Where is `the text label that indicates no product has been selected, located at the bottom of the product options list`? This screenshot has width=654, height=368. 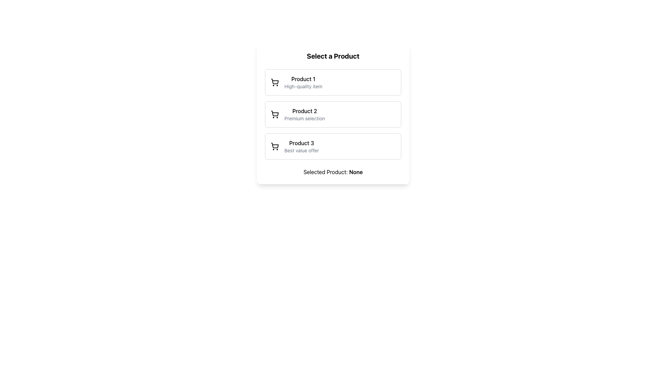 the text label that indicates no product has been selected, located at the bottom of the product options list is located at coordinates (333, 172).